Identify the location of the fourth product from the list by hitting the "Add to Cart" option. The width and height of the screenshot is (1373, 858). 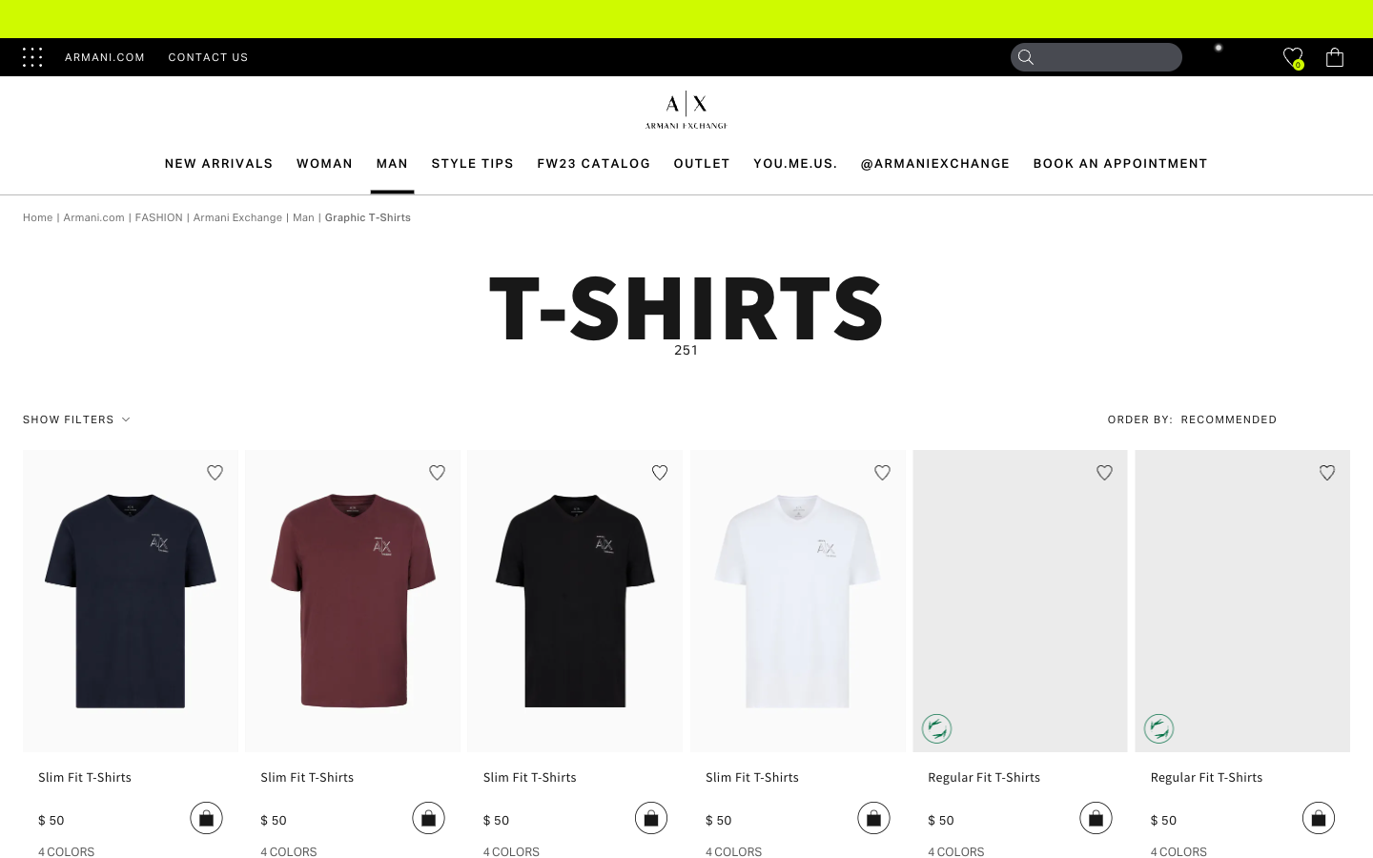
(872, 817).